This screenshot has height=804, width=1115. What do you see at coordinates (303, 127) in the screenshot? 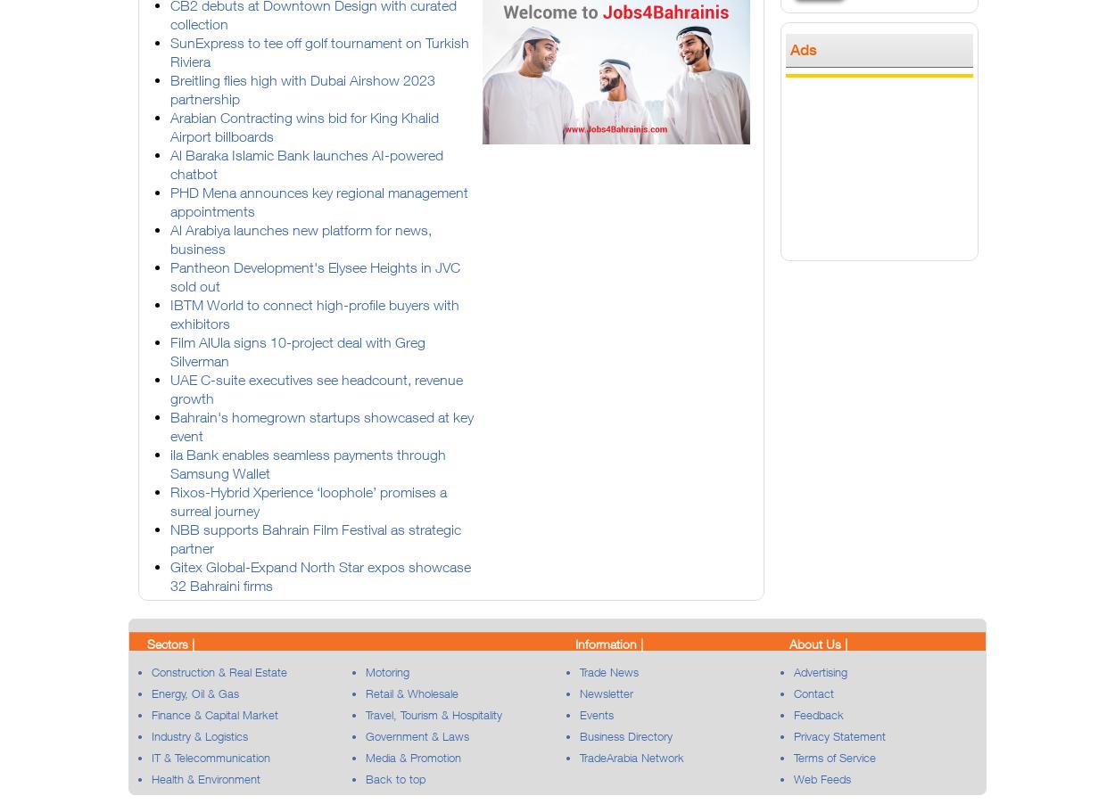
I see `'Arabian Contracting wins bid for King Khalid Airport billboards'` at bounding box center [303, 127].